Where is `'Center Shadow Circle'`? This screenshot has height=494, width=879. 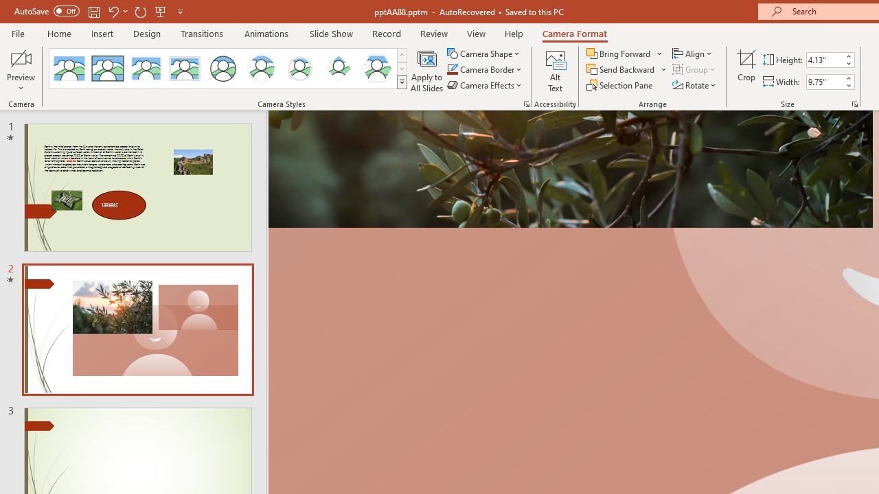
'Center Shadow Circle' is located at coordinates (262, 69).